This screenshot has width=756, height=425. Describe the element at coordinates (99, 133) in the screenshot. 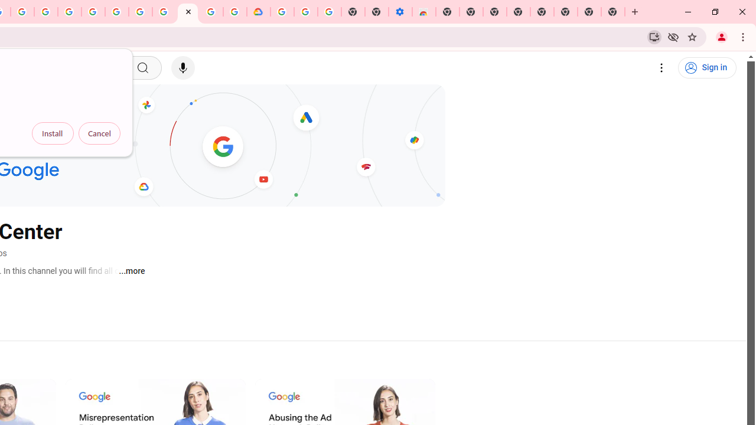

I see `'Cancel'` at that location.